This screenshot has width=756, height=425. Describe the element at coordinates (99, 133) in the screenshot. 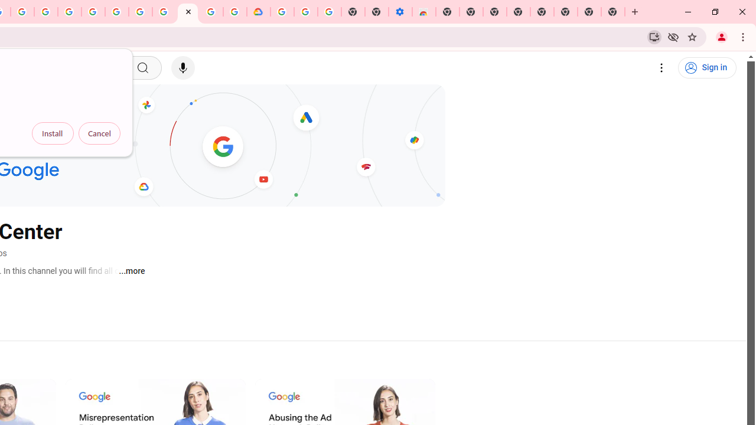

I see `'Cancel'` at that location.